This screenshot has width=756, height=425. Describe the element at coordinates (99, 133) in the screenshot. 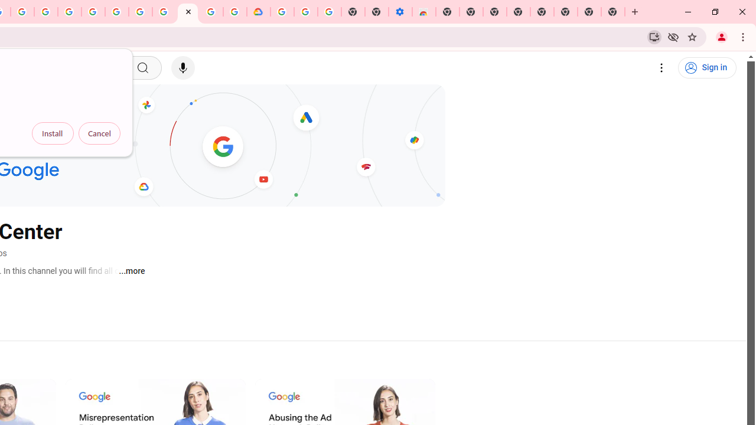

I see `'Cancel'` at that location.